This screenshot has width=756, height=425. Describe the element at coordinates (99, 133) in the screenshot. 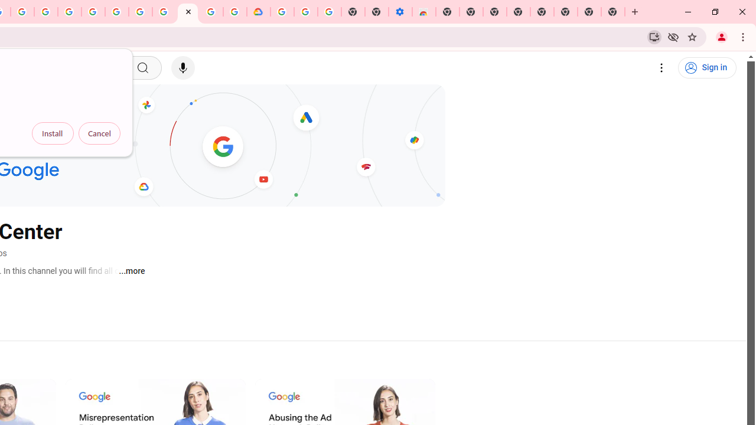

I see `'Cancel'` at that location.